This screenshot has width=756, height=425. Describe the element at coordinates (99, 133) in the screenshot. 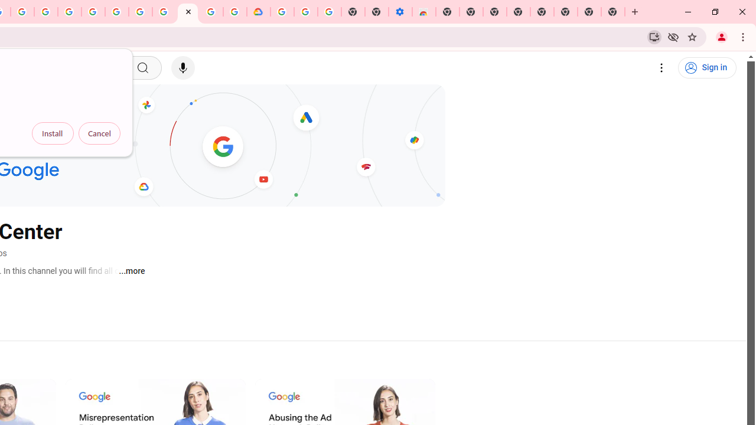

I see `'Cancel'` at that location.